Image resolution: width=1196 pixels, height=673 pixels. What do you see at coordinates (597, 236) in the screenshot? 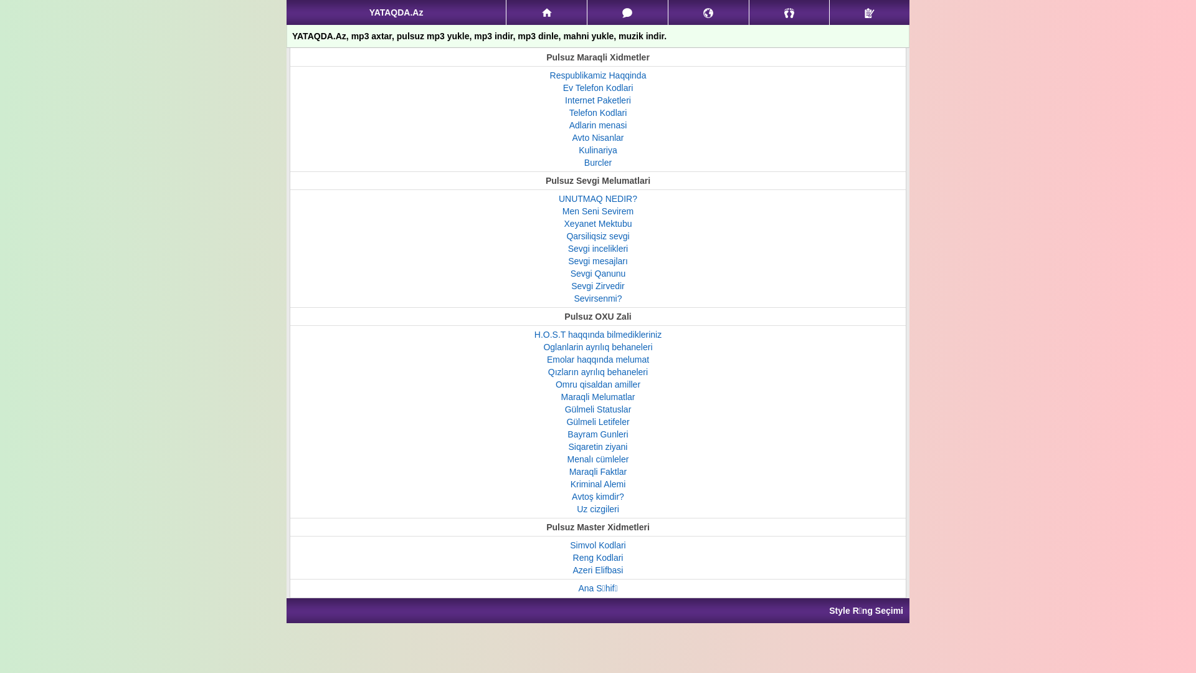
I see `'Qarsiliqsiz sevgi'` at bounding box center [597, 236].